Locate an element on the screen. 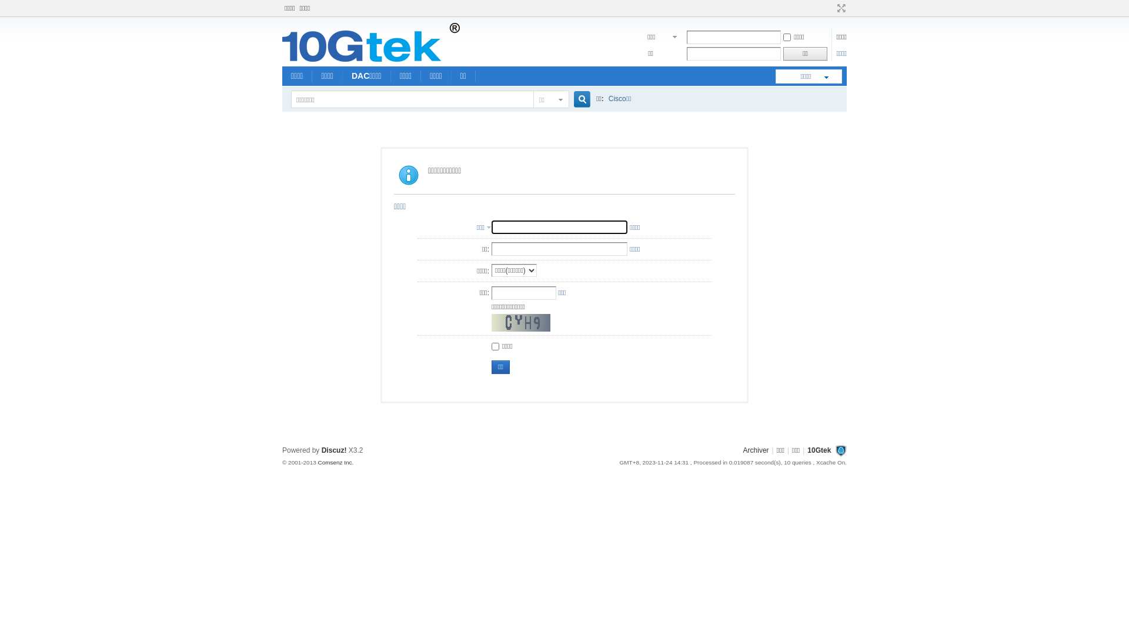 This screenshot has height=635, width=1129. '10Gtek' is located at coordinates (818, 450).